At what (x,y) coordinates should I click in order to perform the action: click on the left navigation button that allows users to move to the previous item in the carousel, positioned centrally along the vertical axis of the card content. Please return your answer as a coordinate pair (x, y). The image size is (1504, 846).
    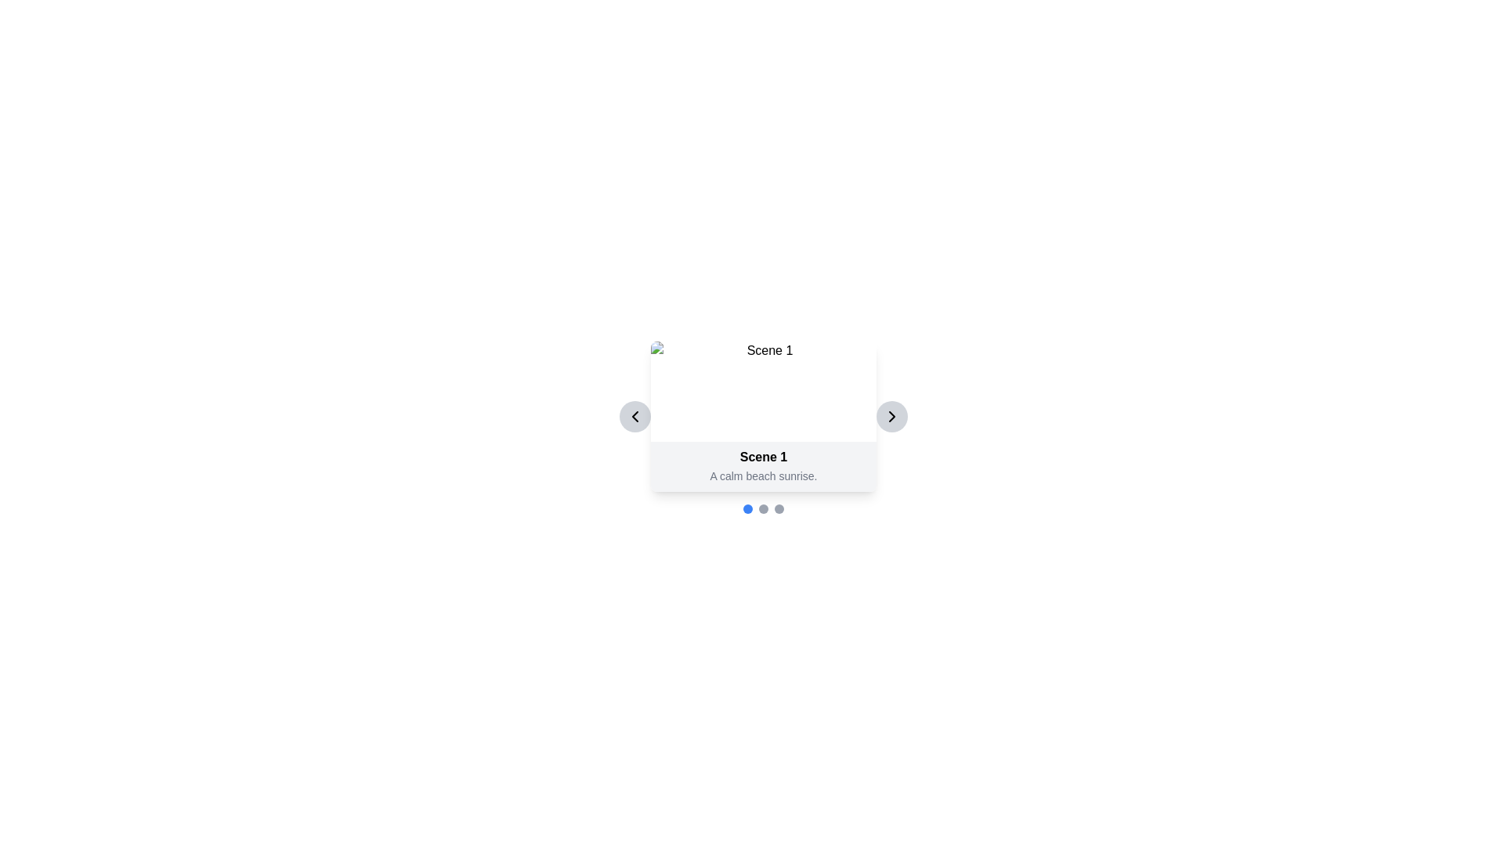
    Looking at the image, I should click on (635, 416).